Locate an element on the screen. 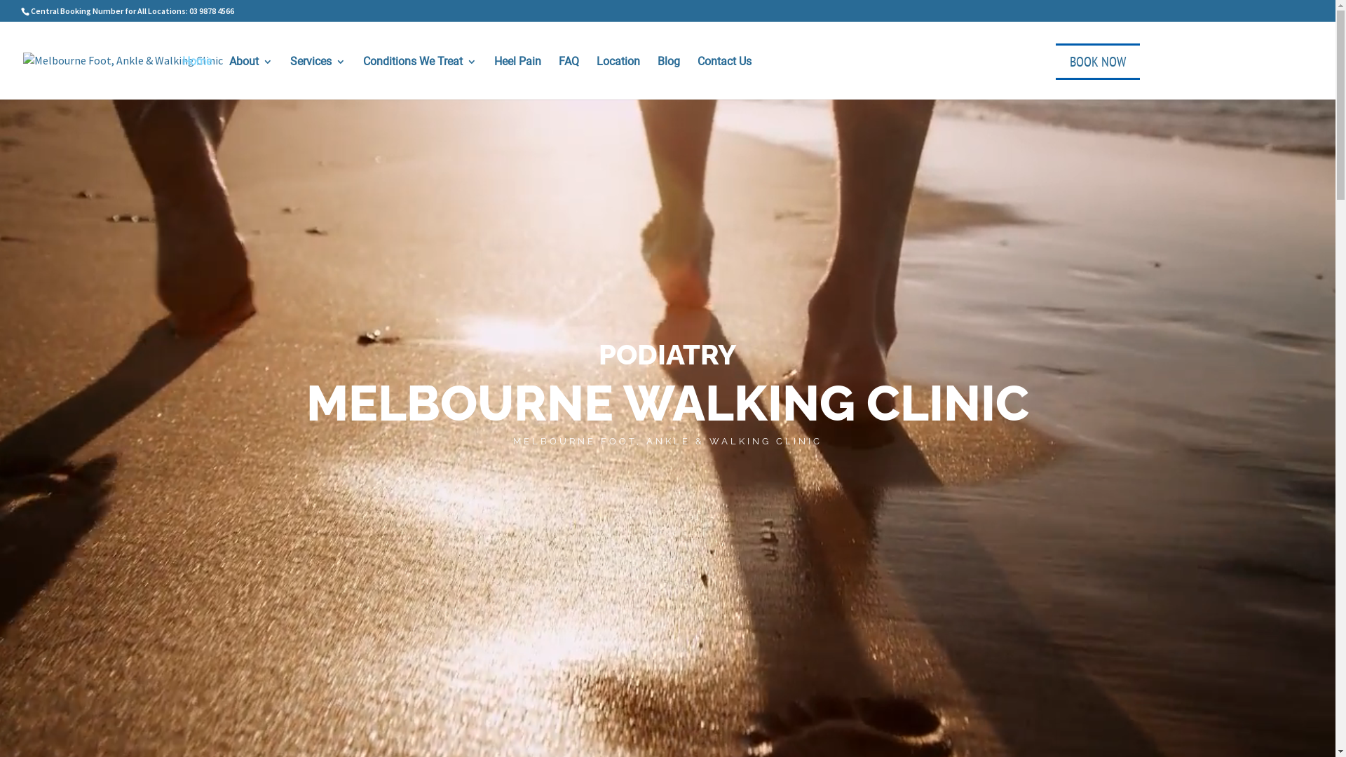 The height and width of the screenshot is (757, 1346). 'Location' is located at coordinates (596, 76).